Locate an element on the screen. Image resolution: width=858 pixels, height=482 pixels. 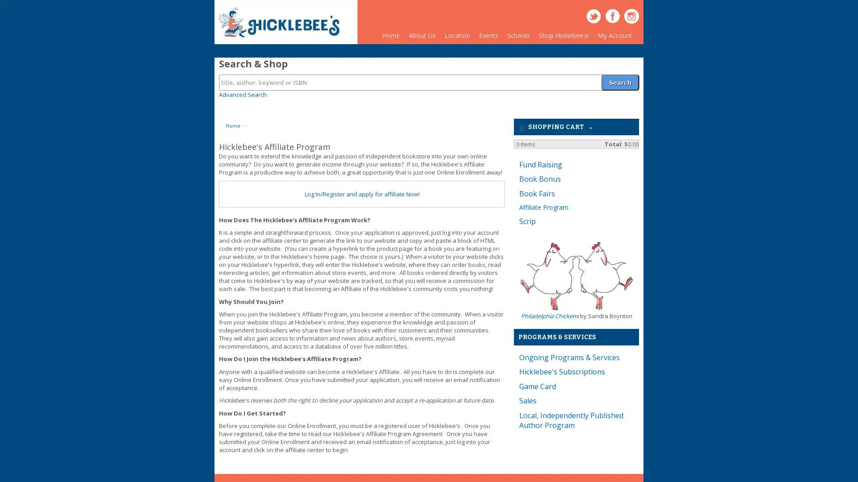
Search is located at coordinates (619, 77).